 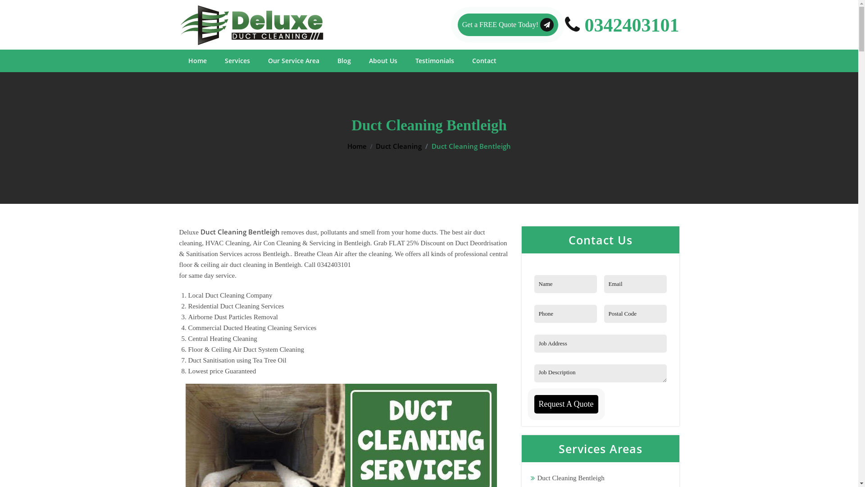 What do you see at coordinates (566, 404) in the screenshot?
I see `'Request A Quote'` at bounding box center [566, 404].